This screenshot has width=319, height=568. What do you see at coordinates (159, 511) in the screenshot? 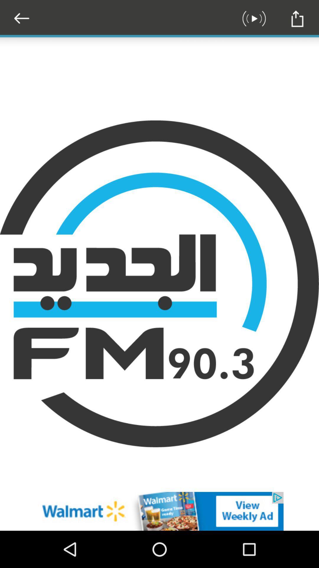
I see `open advertisement` at bounding box center [159, 511].